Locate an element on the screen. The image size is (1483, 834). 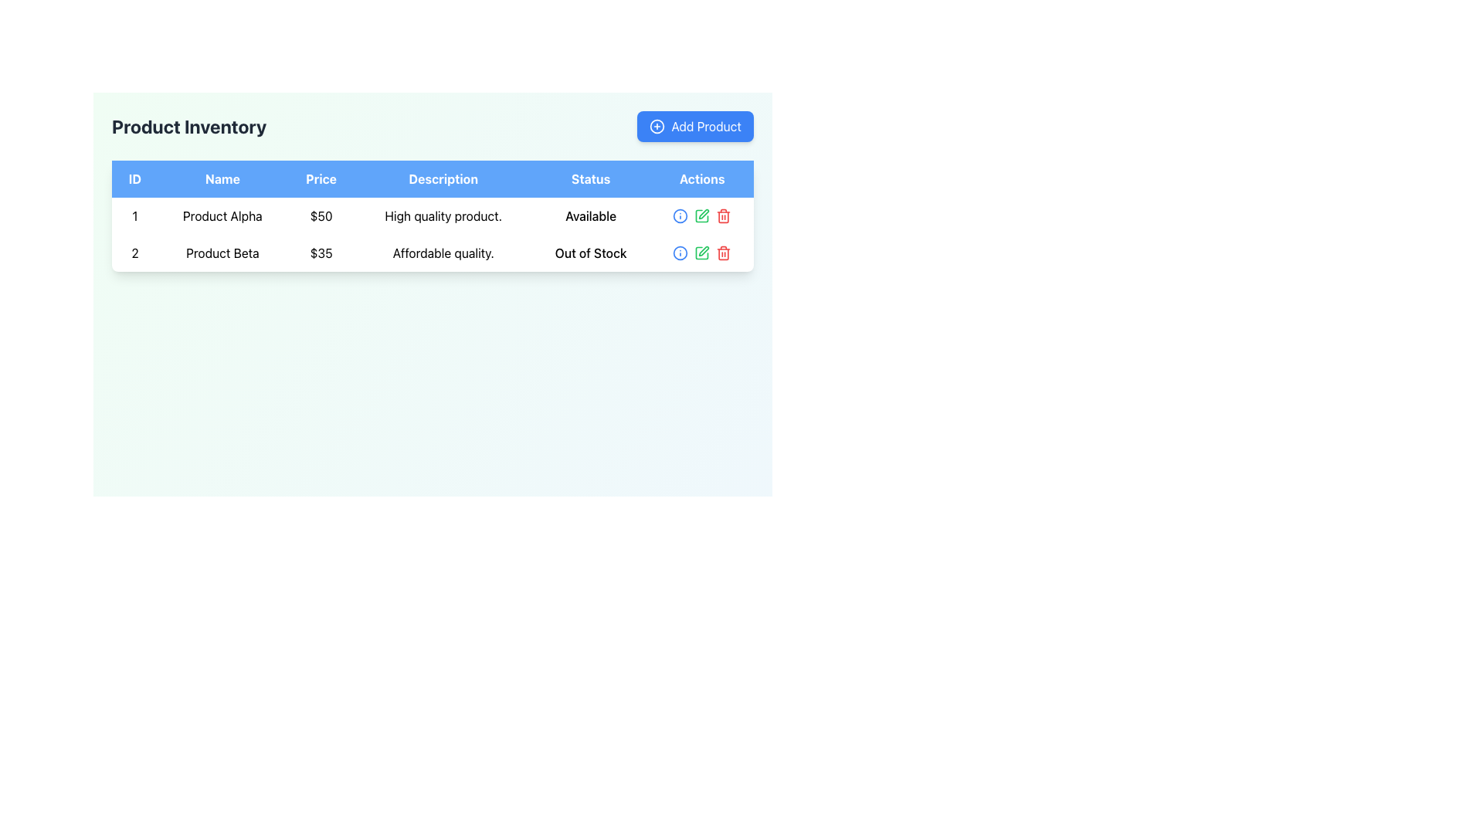
the 'Price' column header text label, which is the third label from the left in the header row of the table, located between 'Name' on the left and 'Description' on the right is located at coordinates (321, 178).